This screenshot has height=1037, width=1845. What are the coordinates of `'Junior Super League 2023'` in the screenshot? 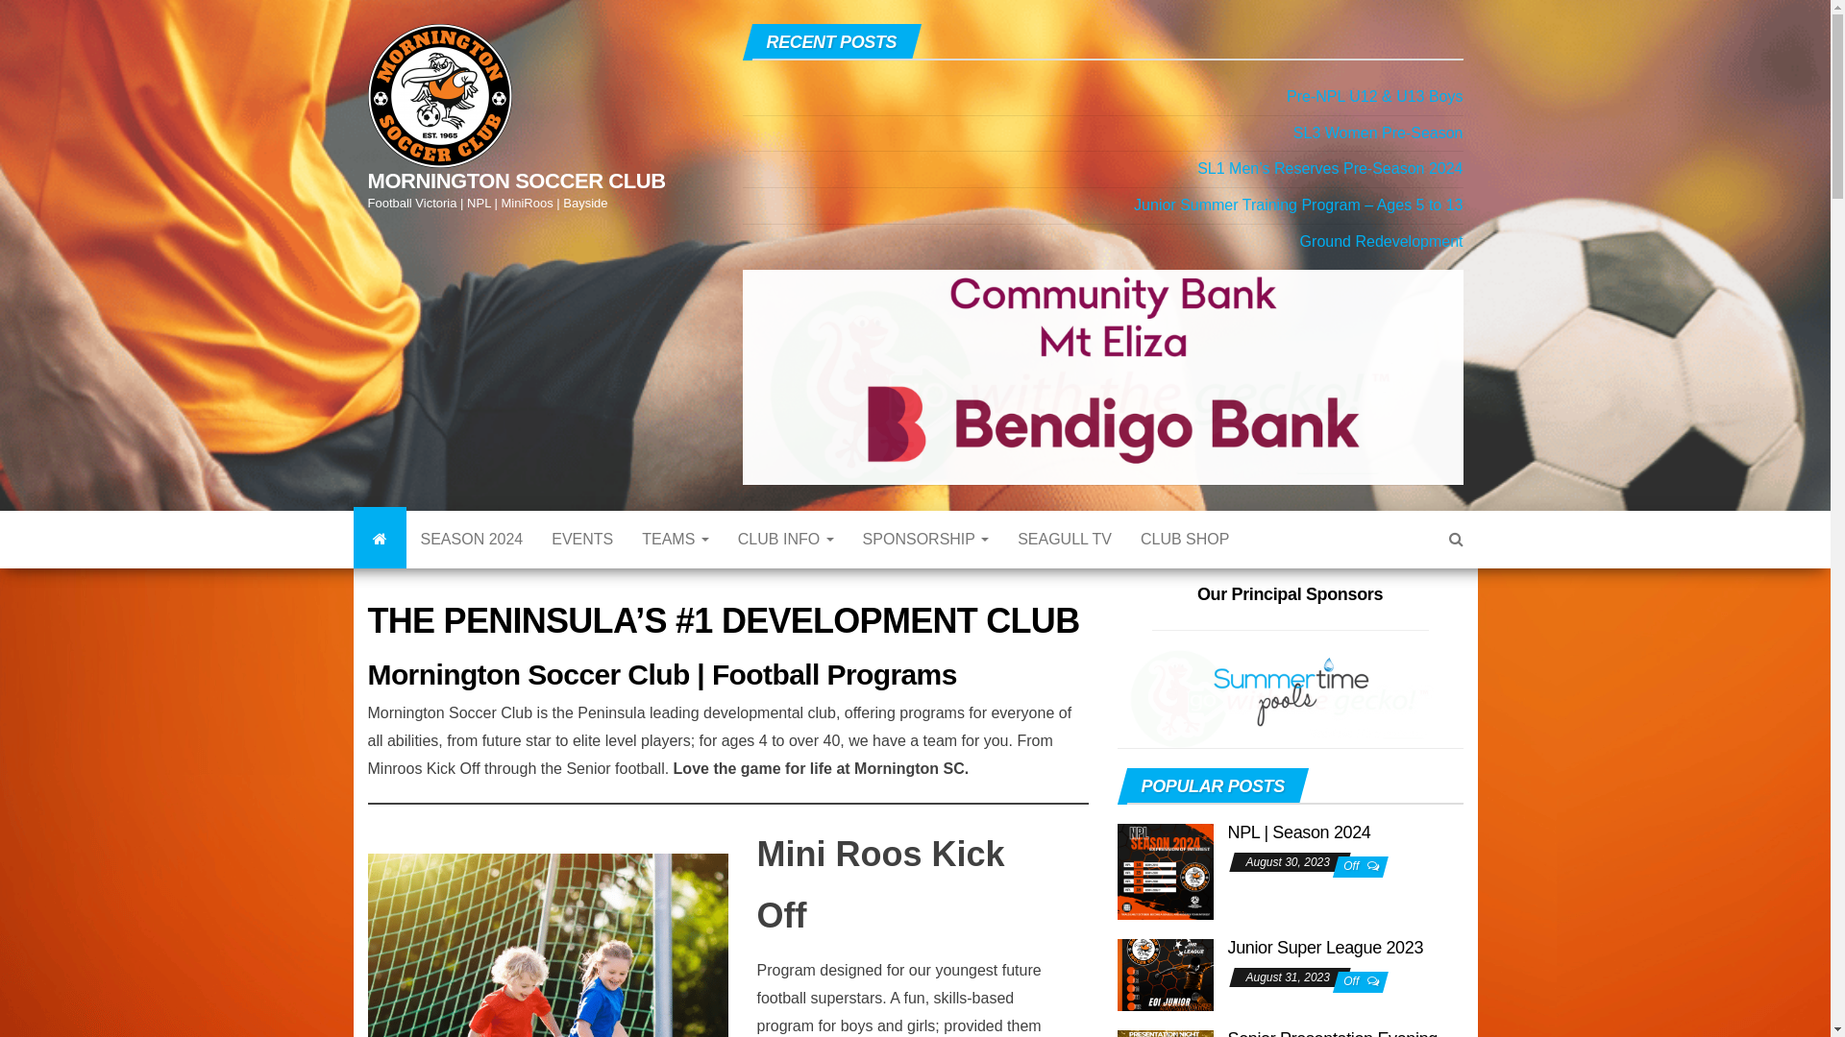 It's located at (1325, 982).